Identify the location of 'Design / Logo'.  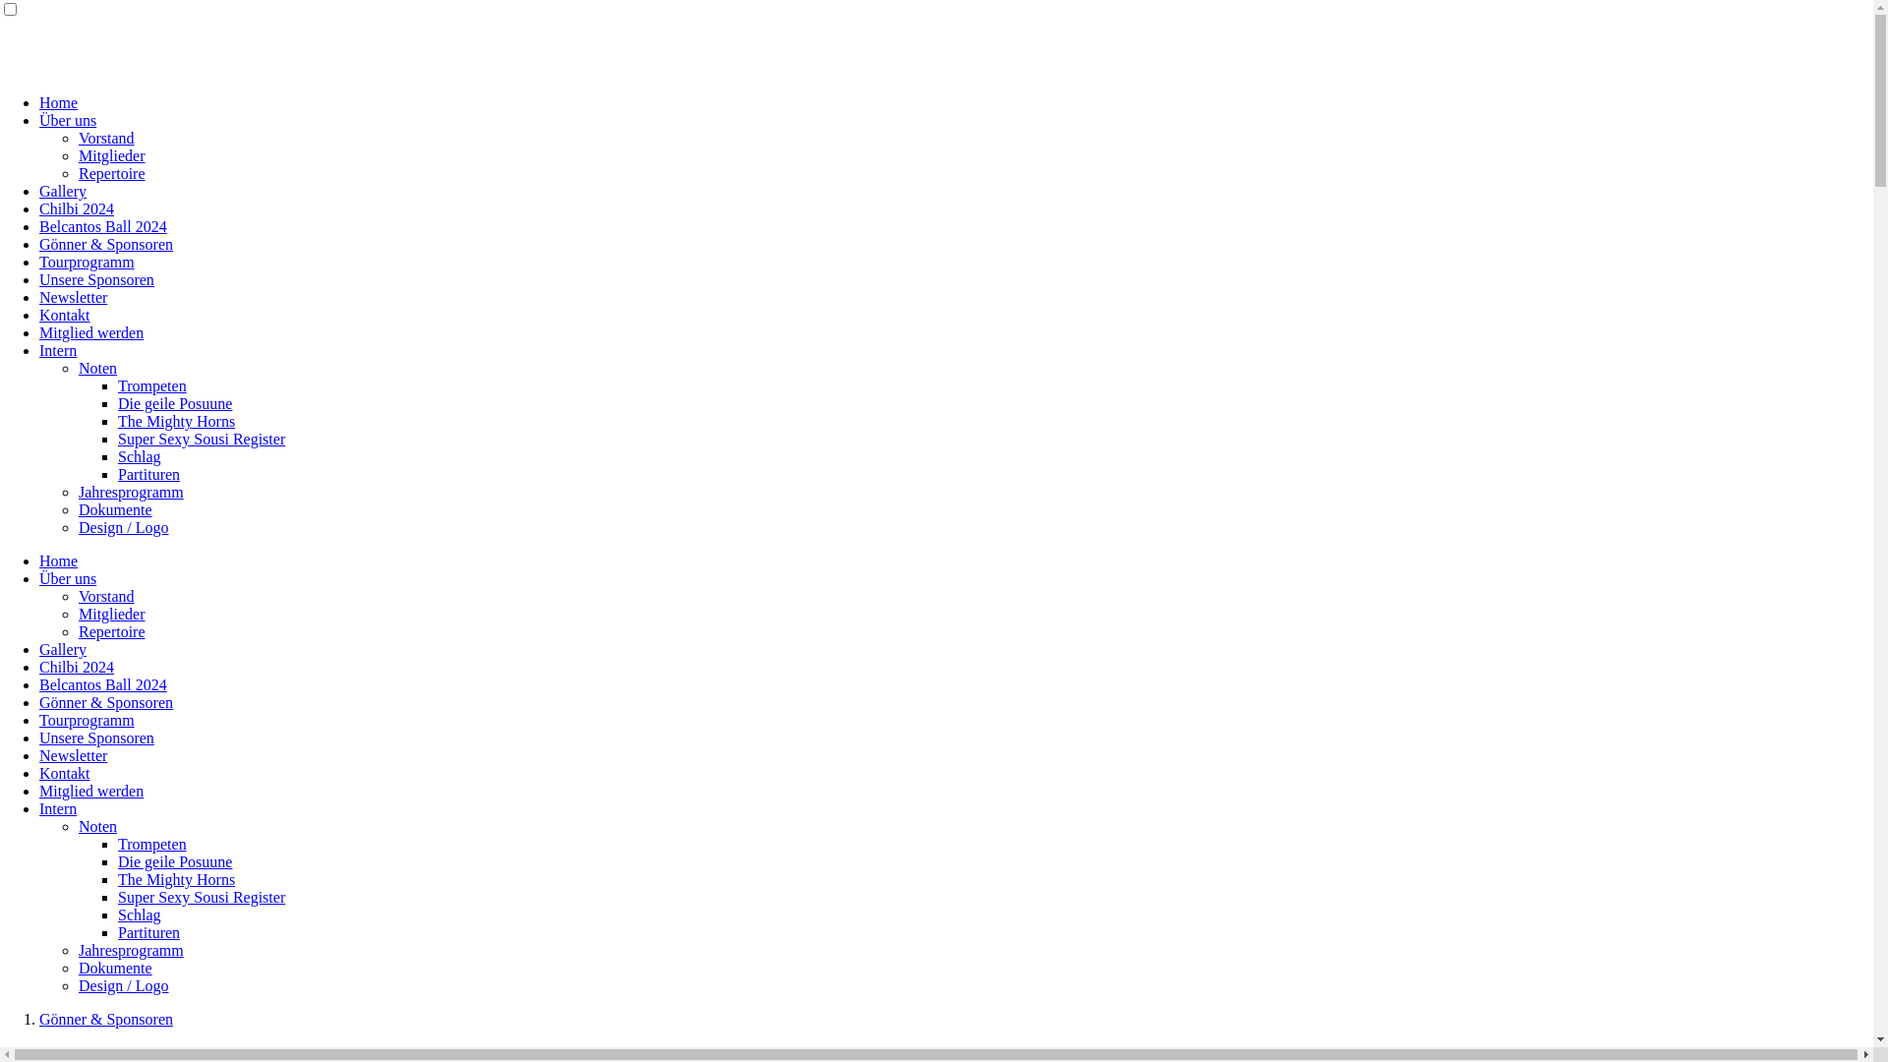
(79, 985).